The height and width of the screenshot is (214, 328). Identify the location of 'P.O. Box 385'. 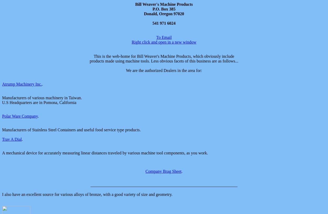
(152, 9).